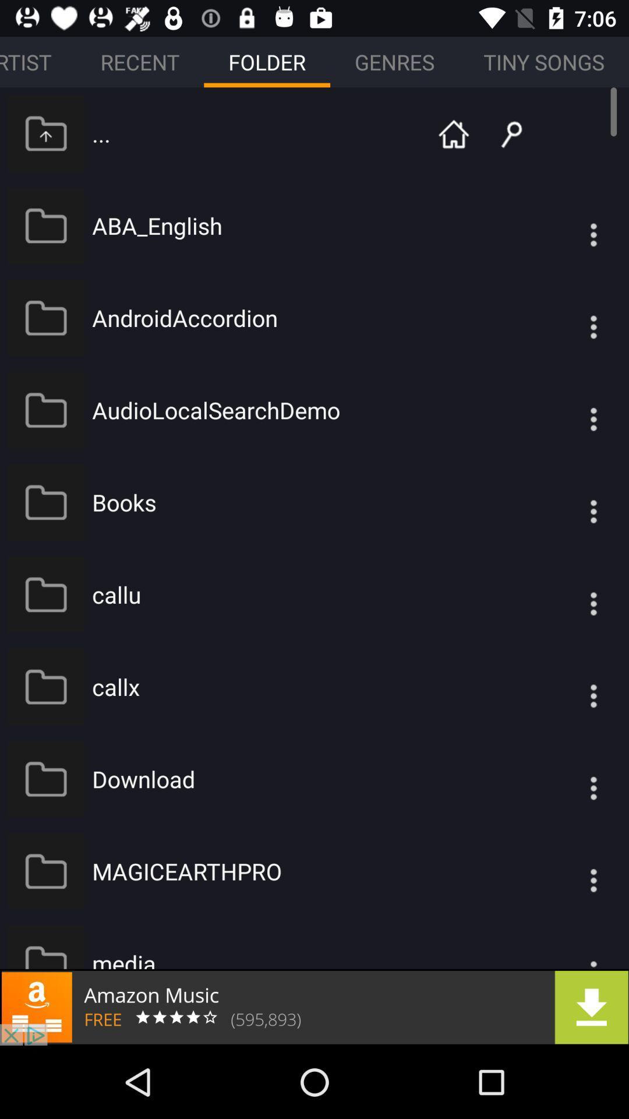 The width and height of the screenshot is (629, 1119). What do you see at coordinates (570, 502) in the screenshot?
I see `more choices` at bounding box center [570, 502].